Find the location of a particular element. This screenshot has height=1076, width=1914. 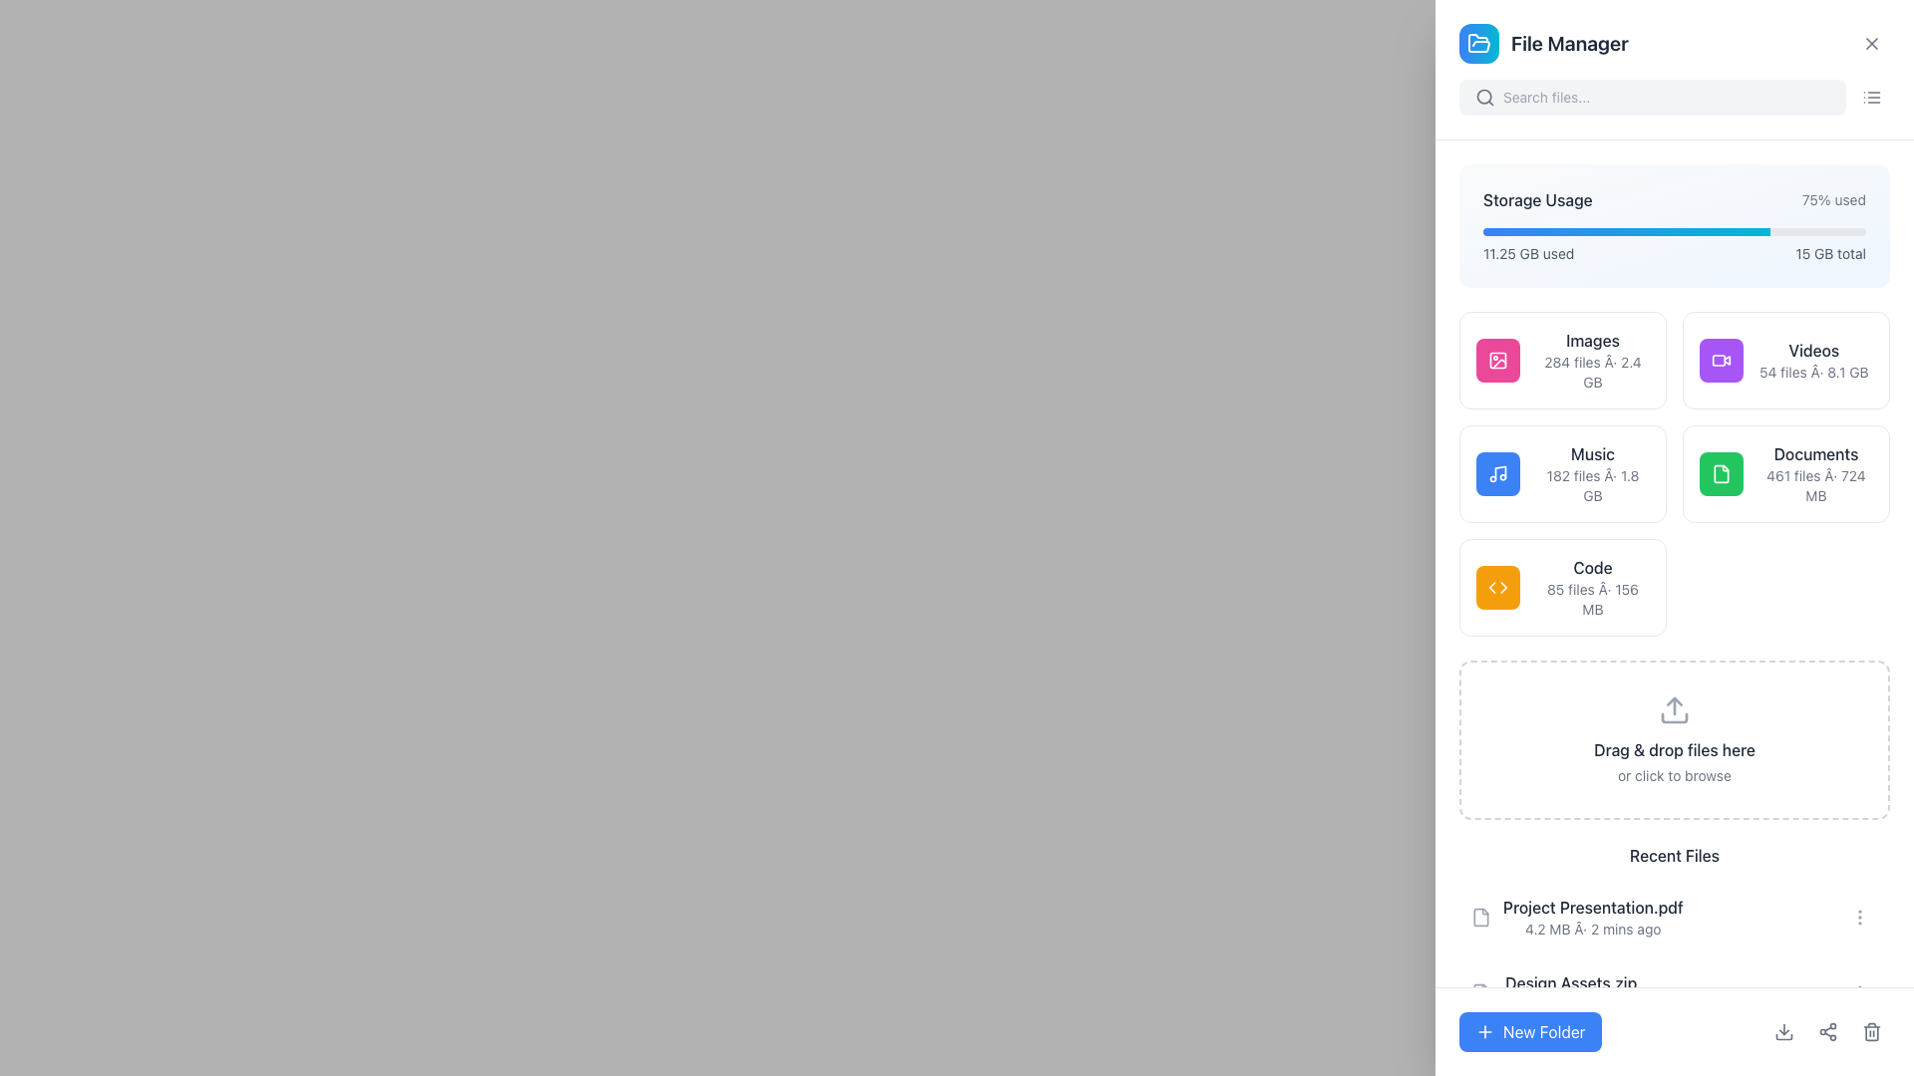

the button with a list icon in the top-right corner of the interface is located at coordinates (1870, 97).